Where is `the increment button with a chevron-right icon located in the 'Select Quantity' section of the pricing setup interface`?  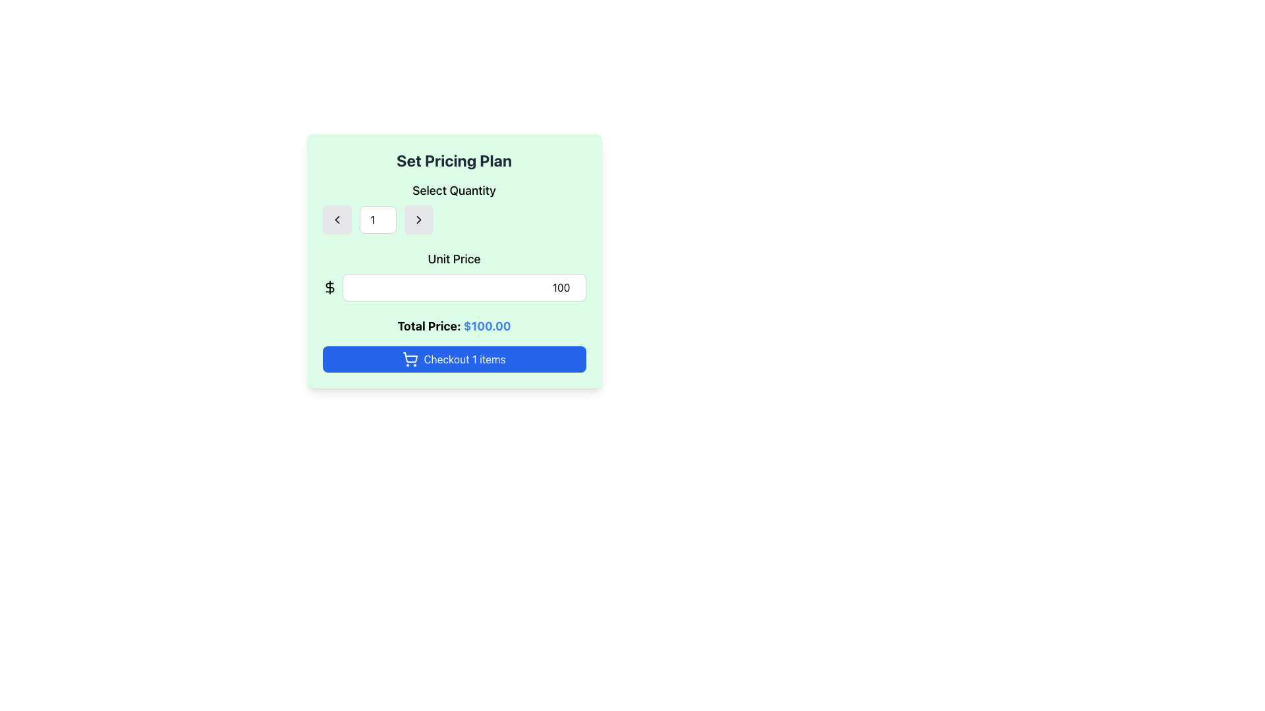
the increment button with a chevron-right icon located in the 'Select Quantity' section of the pricing setup interface is located at coordinates (418, 219).